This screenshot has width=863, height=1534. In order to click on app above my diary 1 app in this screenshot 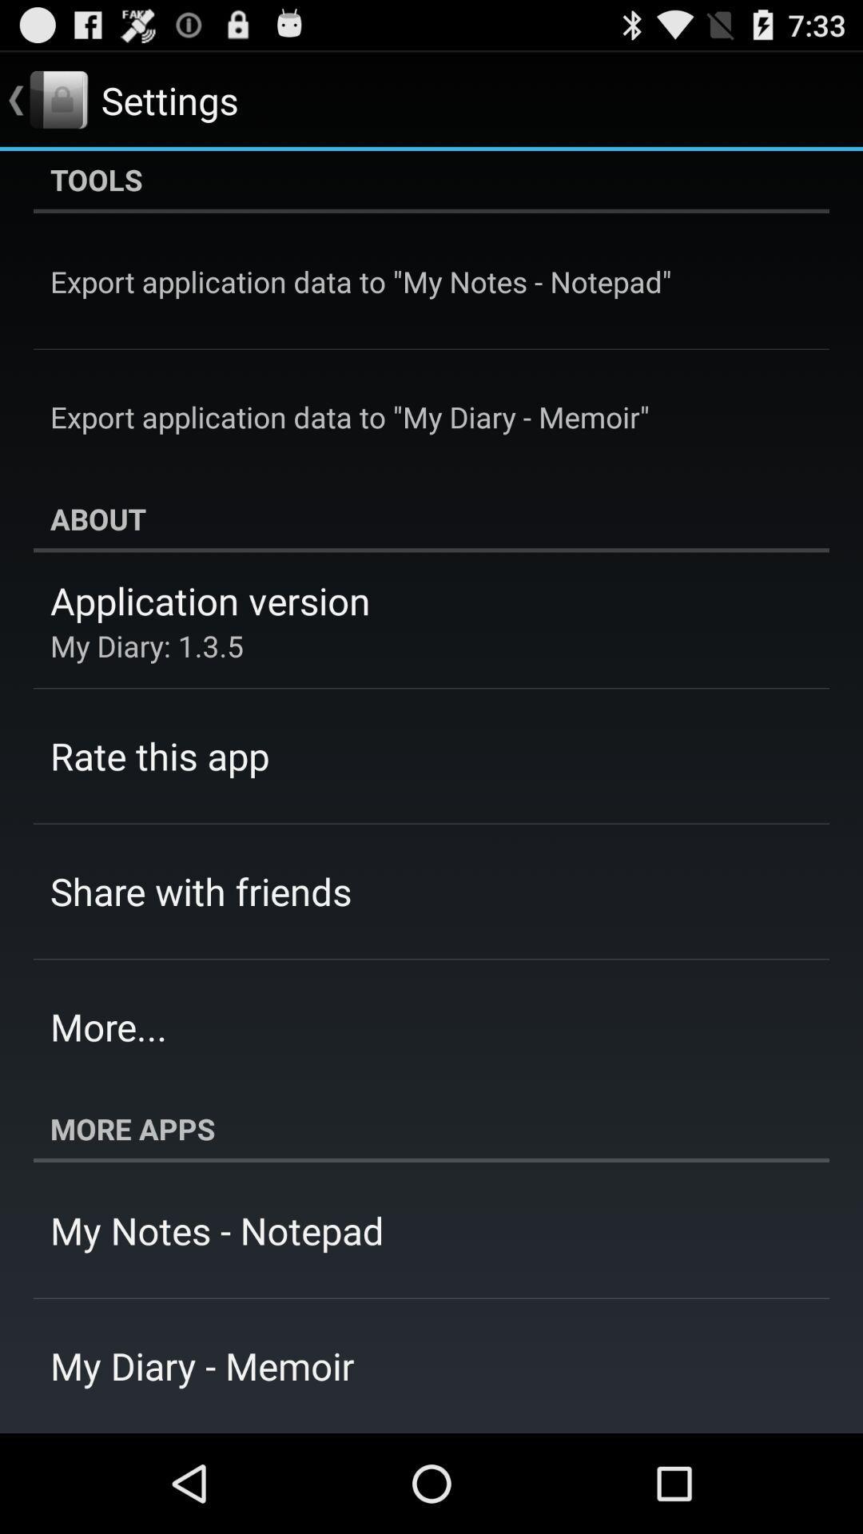, I will do `click(209, 599)`.